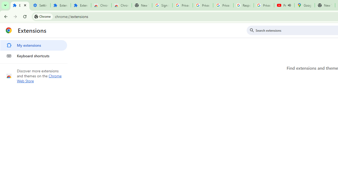 Image resolution: width=338 pixels, height=190 pixels. Describe the element at coordinates (162, 5) in the screenshot. I see `'Sign in - Google Accounts'` at that location.